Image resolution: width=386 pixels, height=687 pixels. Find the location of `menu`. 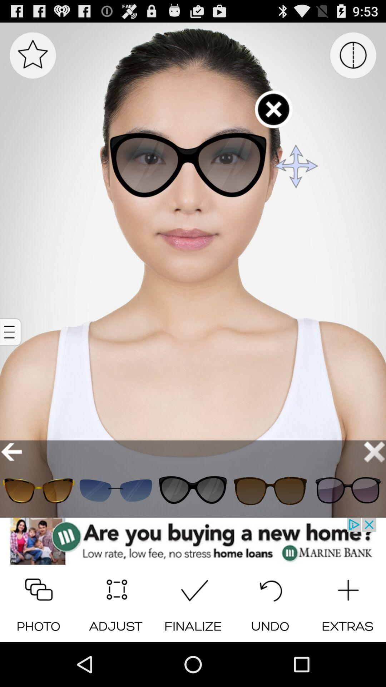

menu is located at coordinates (33, 55).